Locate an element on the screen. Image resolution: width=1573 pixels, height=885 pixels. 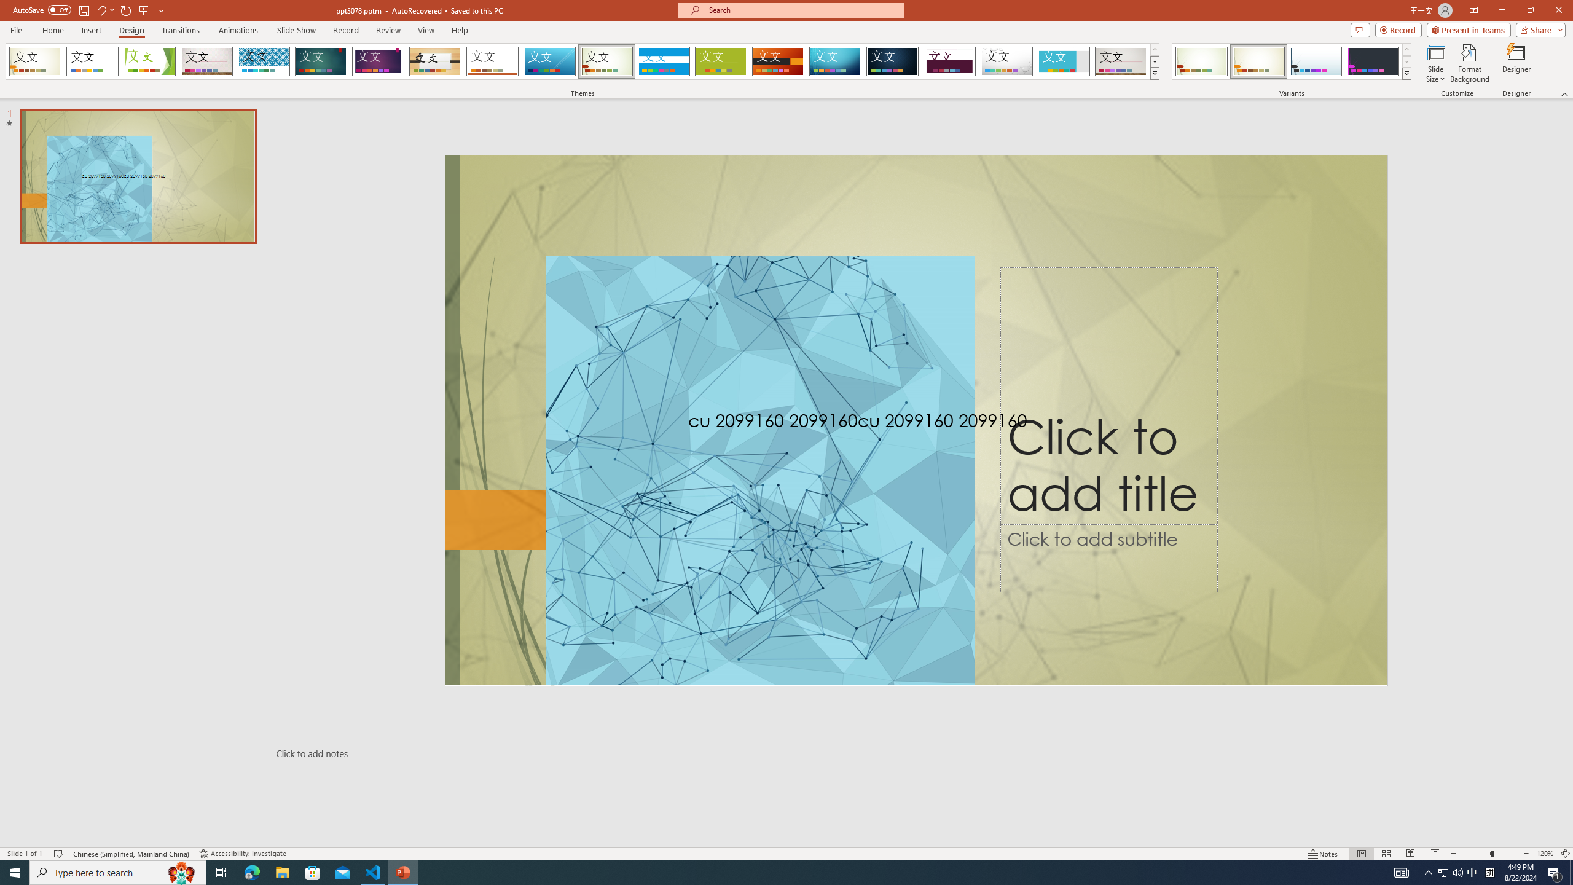
'Themes' is located at coordinates (1155, 73).